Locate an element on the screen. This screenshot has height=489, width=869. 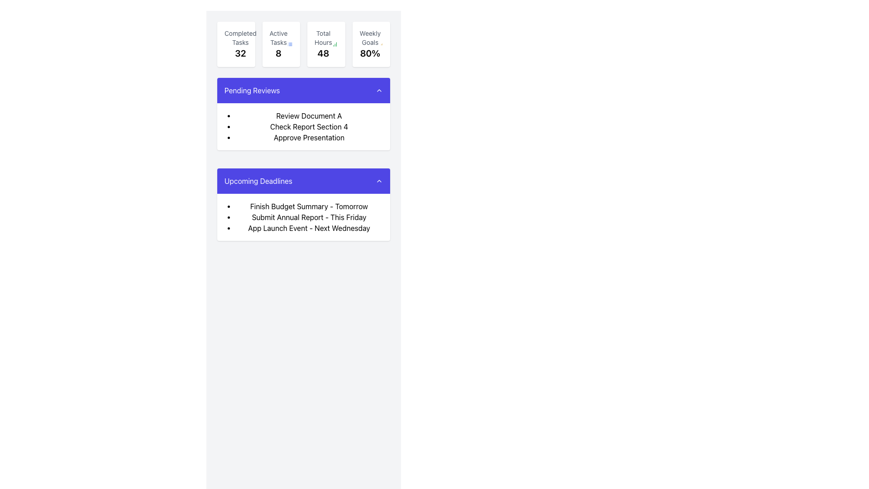
the upward-pointing chevron-shaped icon located within the indigo header labeled 'Upcoming Deadlines' is located at coordinates (379, 181).